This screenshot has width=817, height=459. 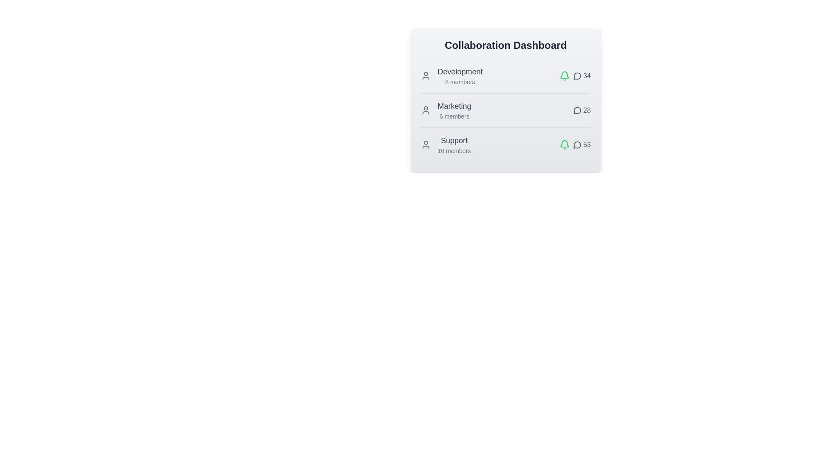 I want to click on the notification bell icon for the team Development, so click(x=564, y=75).